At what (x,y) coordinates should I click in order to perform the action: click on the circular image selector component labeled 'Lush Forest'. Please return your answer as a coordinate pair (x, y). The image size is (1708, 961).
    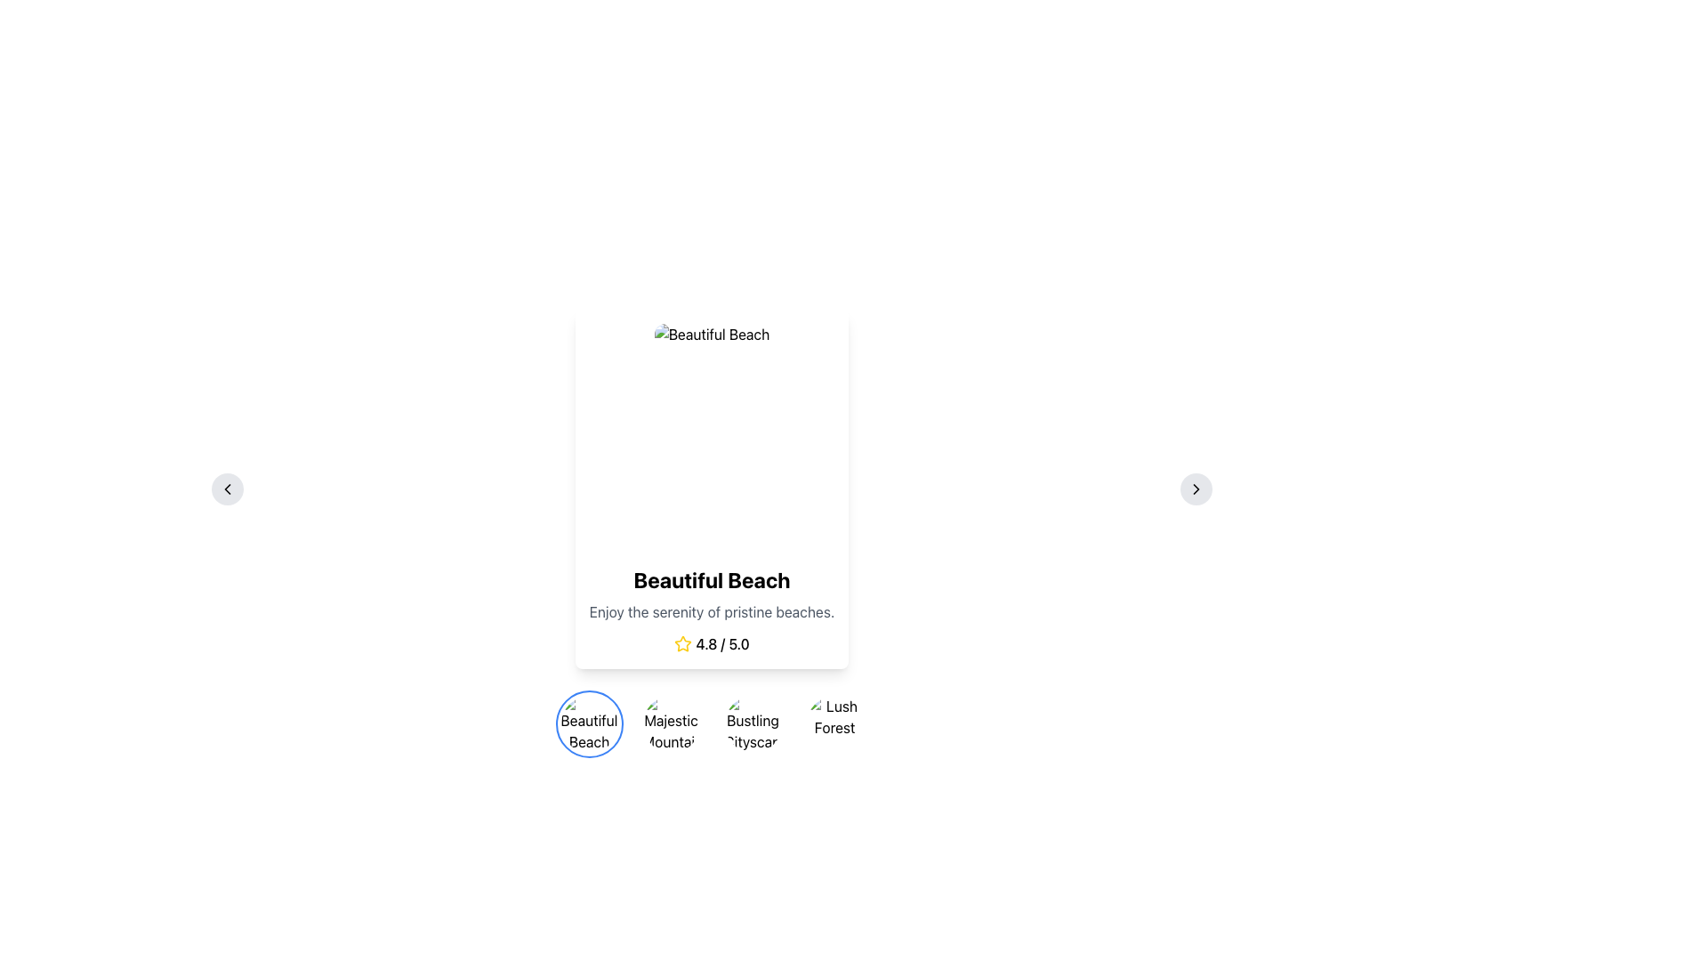
    Looking at the image, I should click on (834, 723).